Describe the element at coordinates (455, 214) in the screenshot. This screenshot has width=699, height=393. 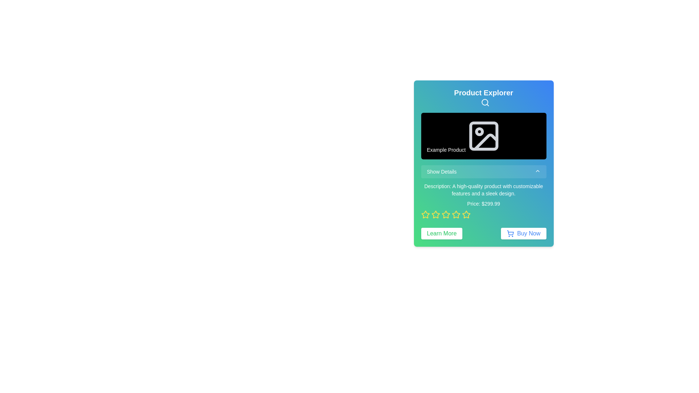
I see `the sixth hollow star icon outlined in yellow` at that location.